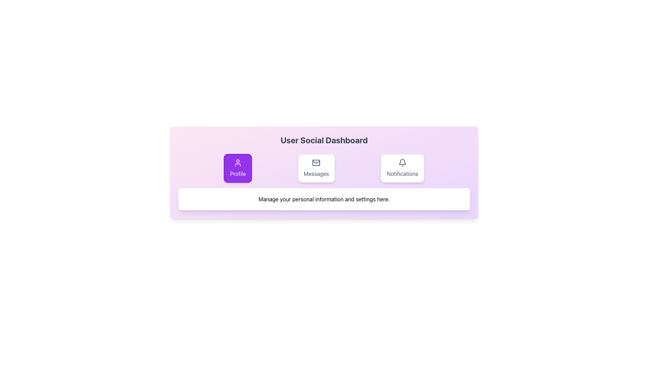 The image size is (660, 371). I want to click on the third button from the left that navigates to the Notifications section, so click(403, 168).